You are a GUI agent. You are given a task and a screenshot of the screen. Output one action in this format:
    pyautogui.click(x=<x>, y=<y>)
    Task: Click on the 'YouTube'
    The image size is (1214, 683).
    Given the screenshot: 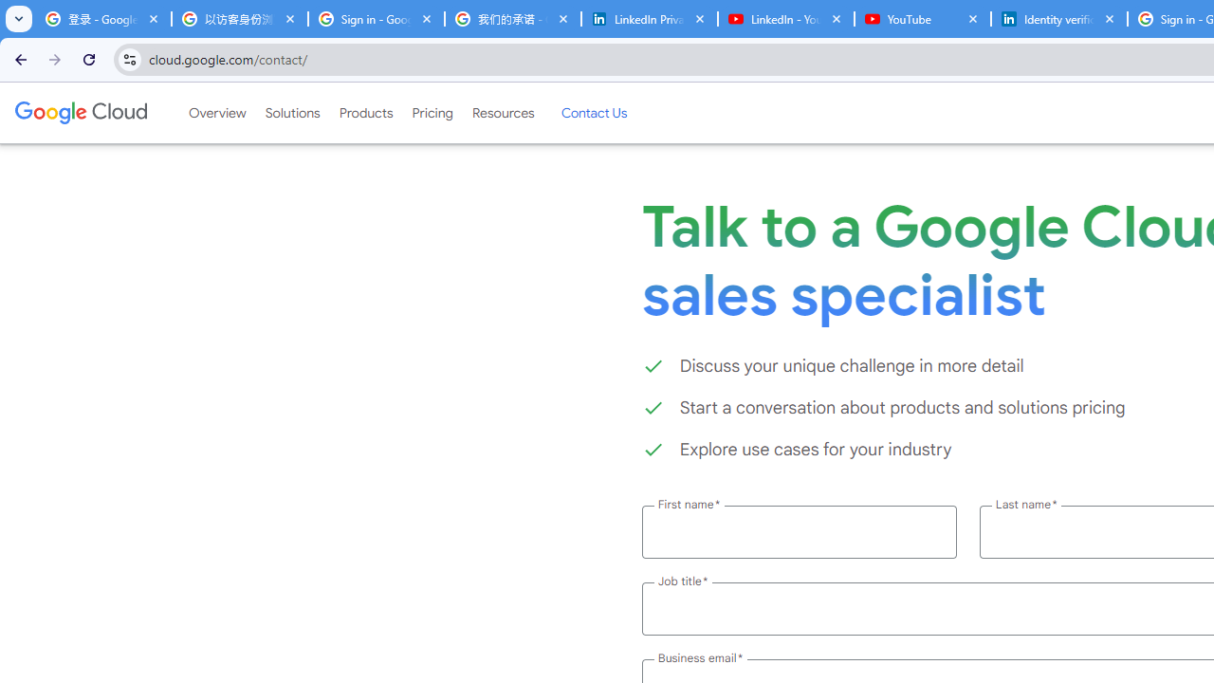 What is the action you would take?
    pyautogui.click(x=922, y=19)
    